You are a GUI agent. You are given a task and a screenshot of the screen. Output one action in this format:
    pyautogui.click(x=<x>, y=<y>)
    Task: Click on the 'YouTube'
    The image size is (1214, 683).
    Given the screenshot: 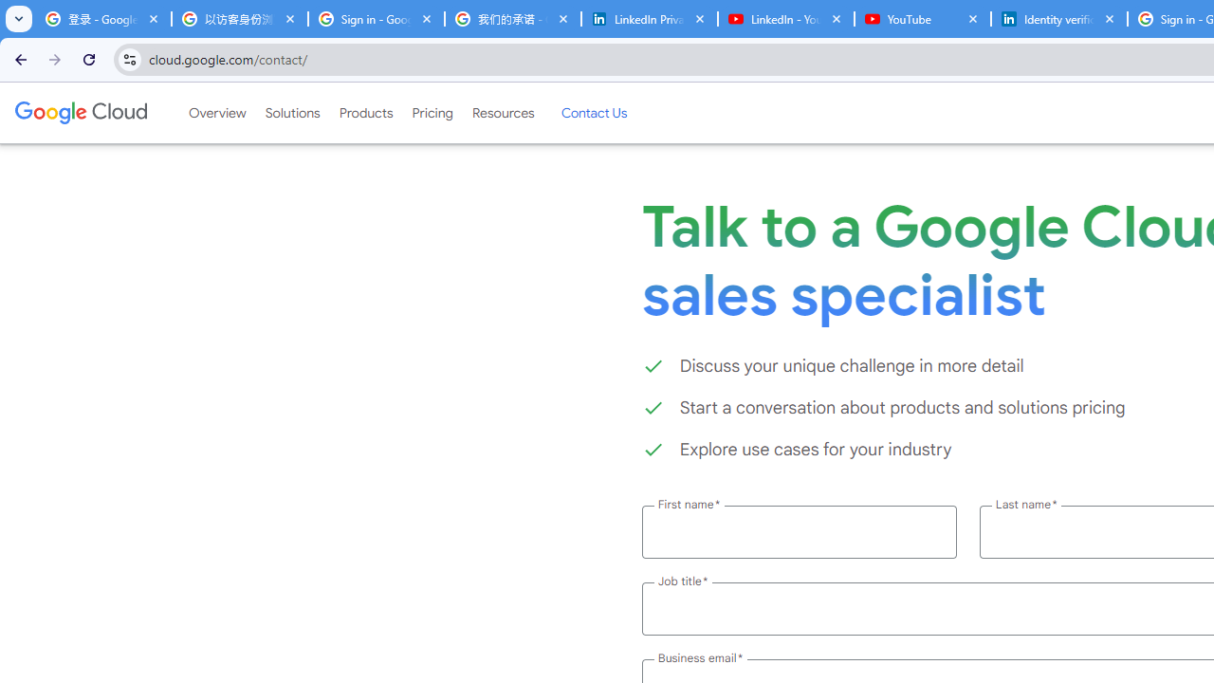 What is the action you would take?
    pyautogui.click(x=922, y=19)
    